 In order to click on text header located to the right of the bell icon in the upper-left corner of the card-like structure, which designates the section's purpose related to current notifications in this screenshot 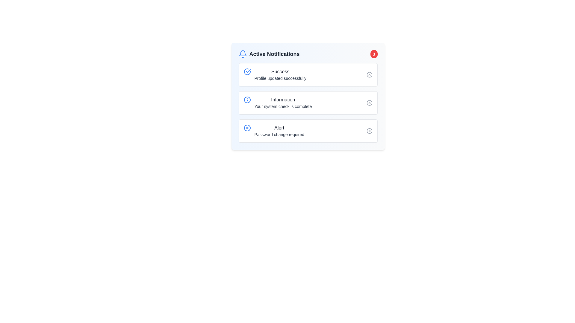, I will do `click(274, 54)`.